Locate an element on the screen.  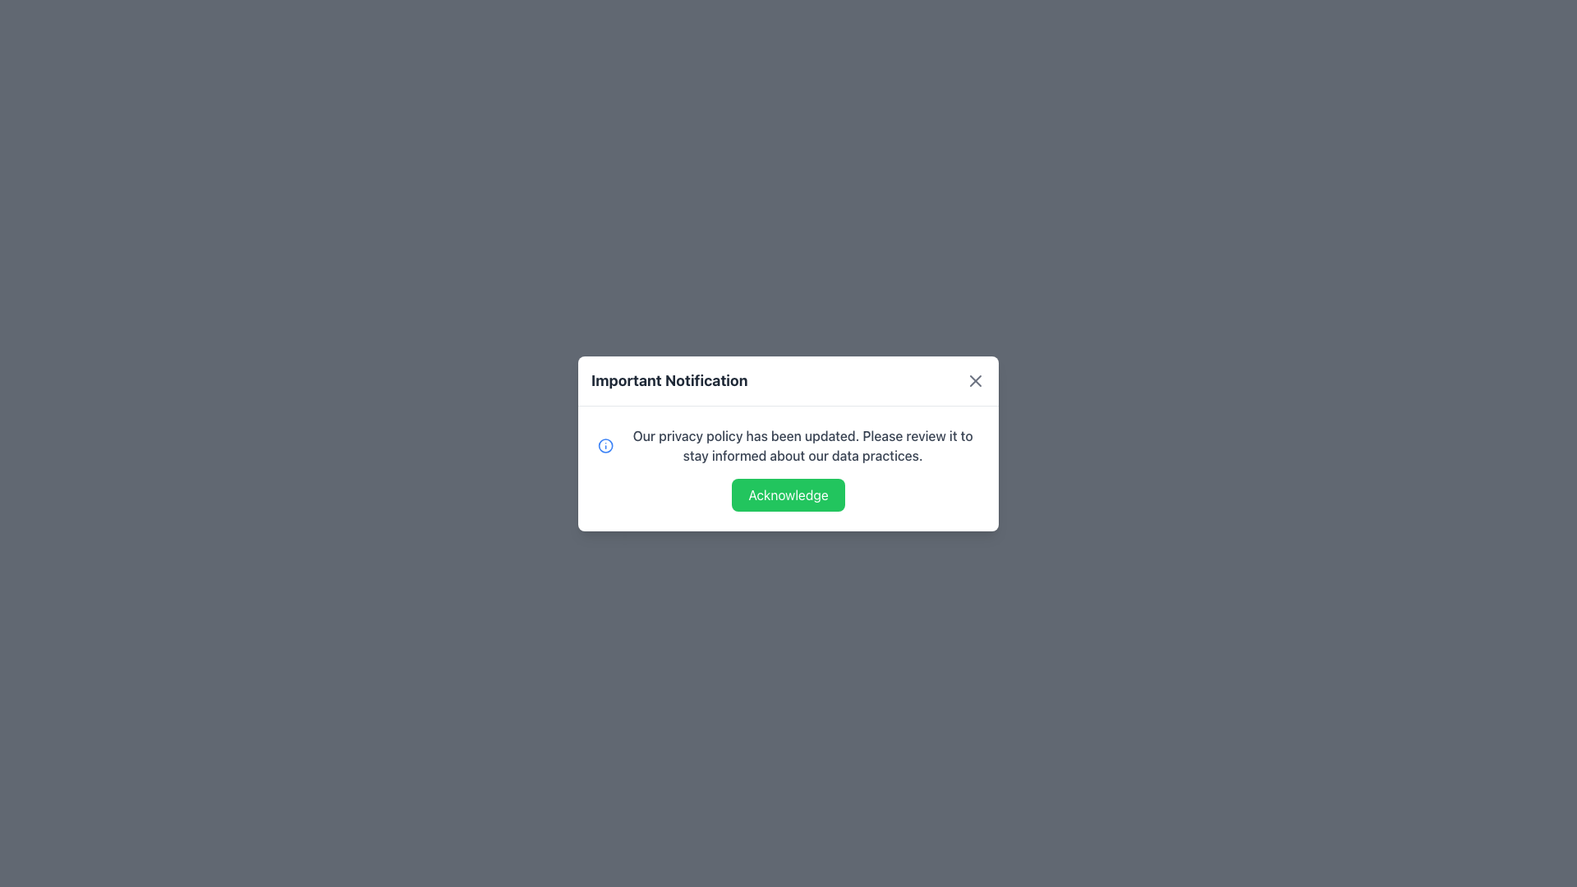
the 'X' icon located at the top-right corner of the 'Important Notification' dialogue is located at coordinates (976, 380).